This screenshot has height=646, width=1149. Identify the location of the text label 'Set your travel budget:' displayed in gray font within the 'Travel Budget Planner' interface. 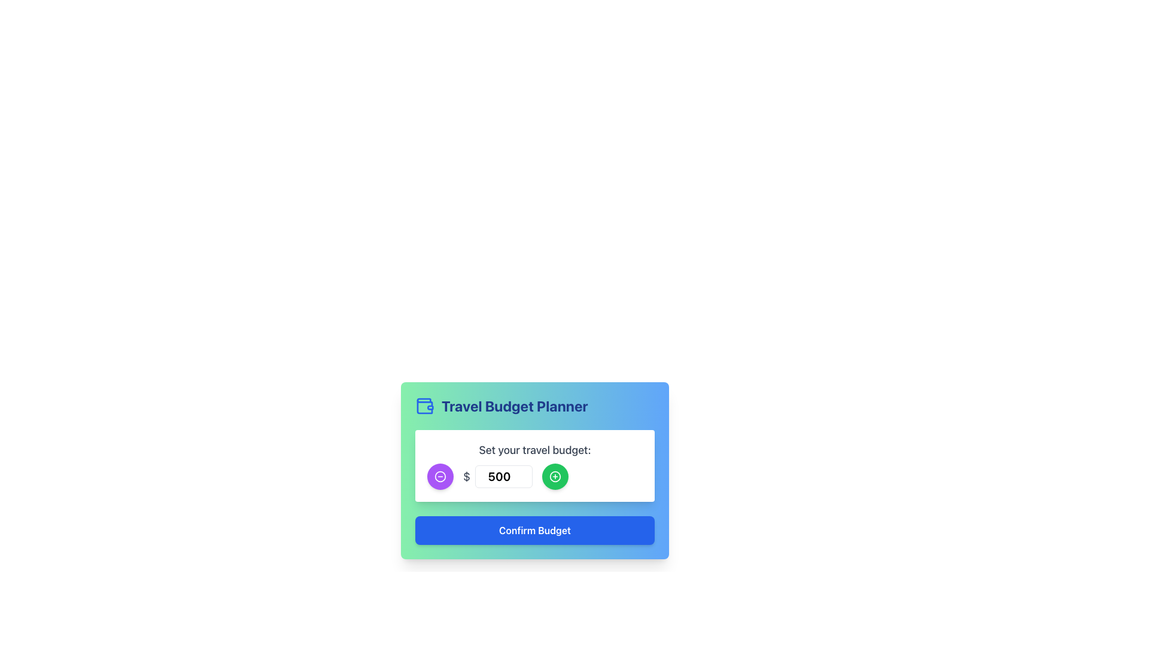
(534, 450).